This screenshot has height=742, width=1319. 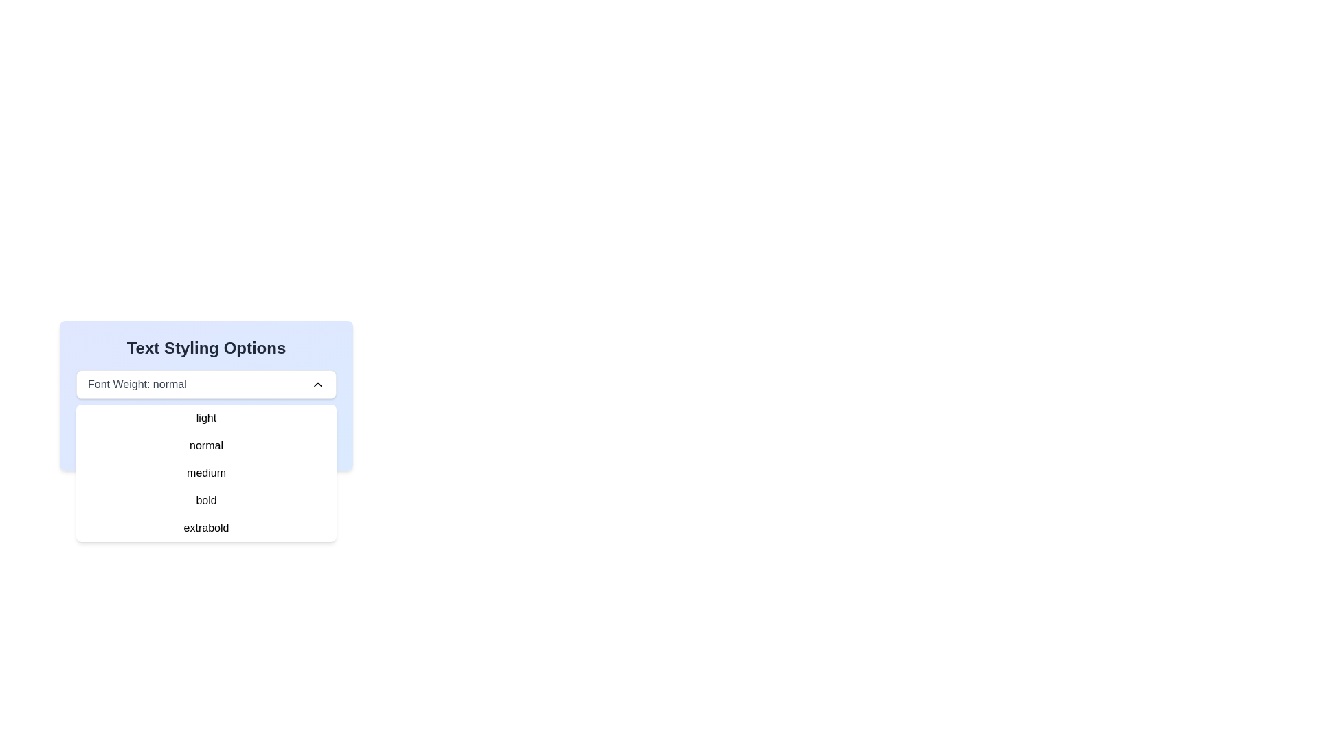 I want to click on the selectable list item displaying 'medium', so click(x=205, y=473).